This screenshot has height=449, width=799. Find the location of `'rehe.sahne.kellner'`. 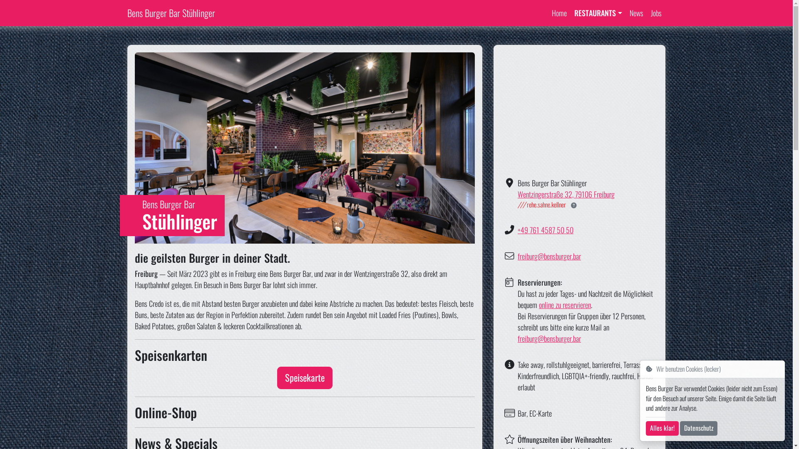

'rehe.sahne.kellner' is located at coordinates (541, 205).